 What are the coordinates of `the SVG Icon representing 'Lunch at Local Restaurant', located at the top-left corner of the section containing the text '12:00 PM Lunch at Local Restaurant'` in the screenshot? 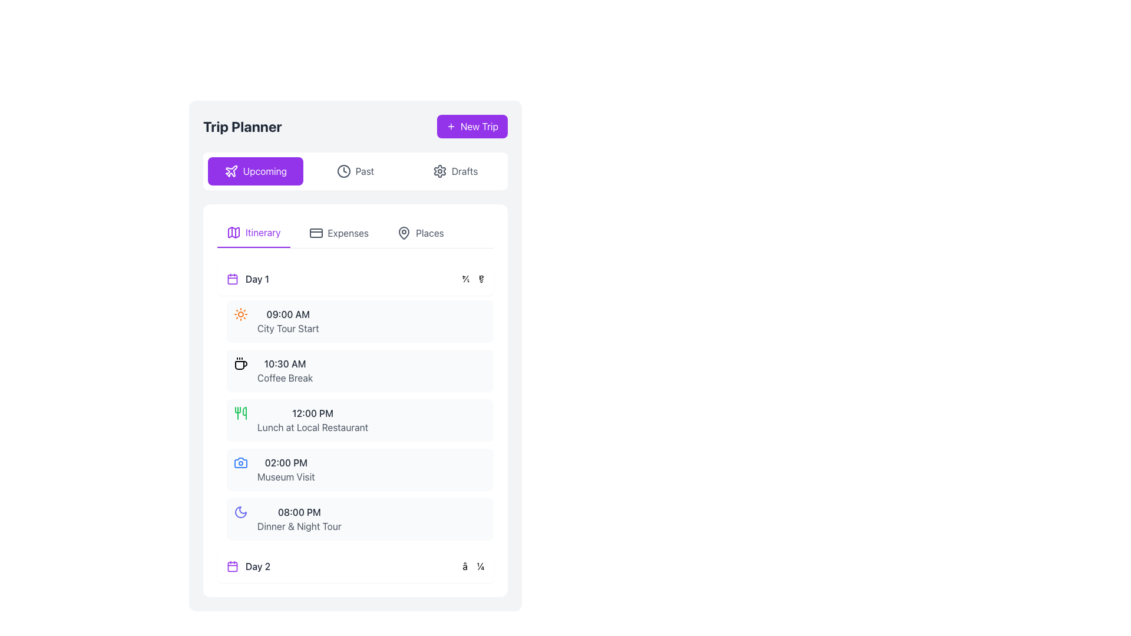 It's located at (240, 413).